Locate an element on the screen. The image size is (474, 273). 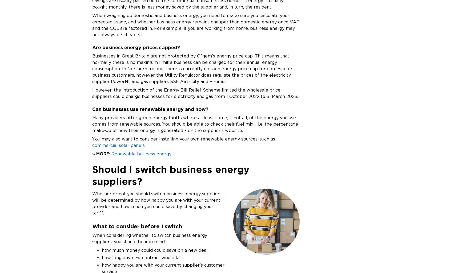
'Whether or not you should switch business energy suppliers will be determined by how happy you are with your current provider and how much you could save by changing your tariff.' is located at coordinates (156, 203).